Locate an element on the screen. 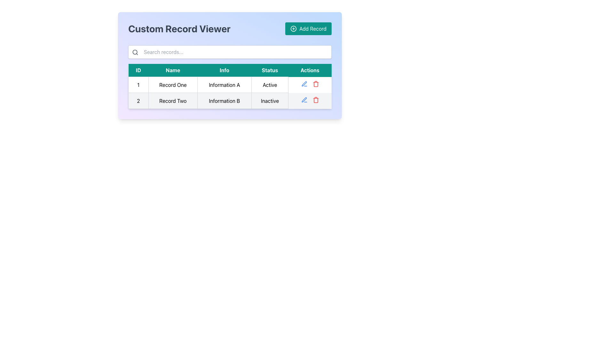 This screenshot has width=614, height=345. the icon for adding a new record, which is positioned to the left of the 'Add Record' text in the top-right corner of the interface is located at coordinates (293, 28).